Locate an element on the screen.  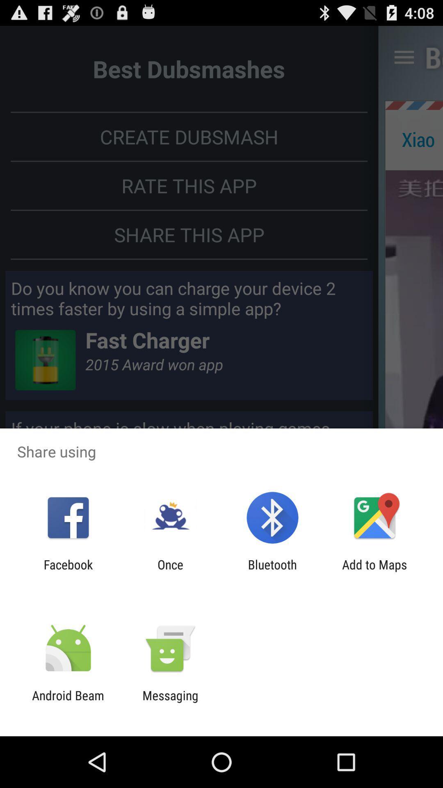
the facebook app is located at coordinates (68, 571).